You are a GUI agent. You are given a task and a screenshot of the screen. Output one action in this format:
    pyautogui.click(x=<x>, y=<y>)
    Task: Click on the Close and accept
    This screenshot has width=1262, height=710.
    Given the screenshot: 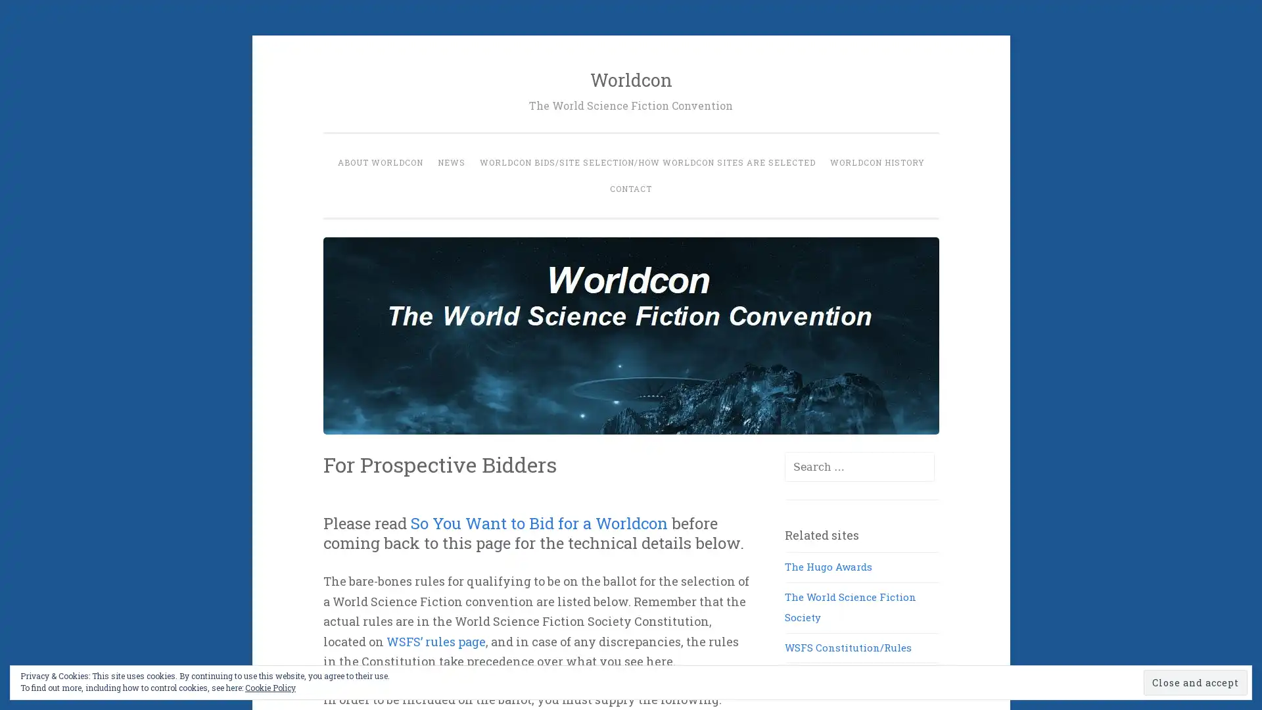 What is the action you would take?
    pyautogui.click(x=1196, y=682)
    